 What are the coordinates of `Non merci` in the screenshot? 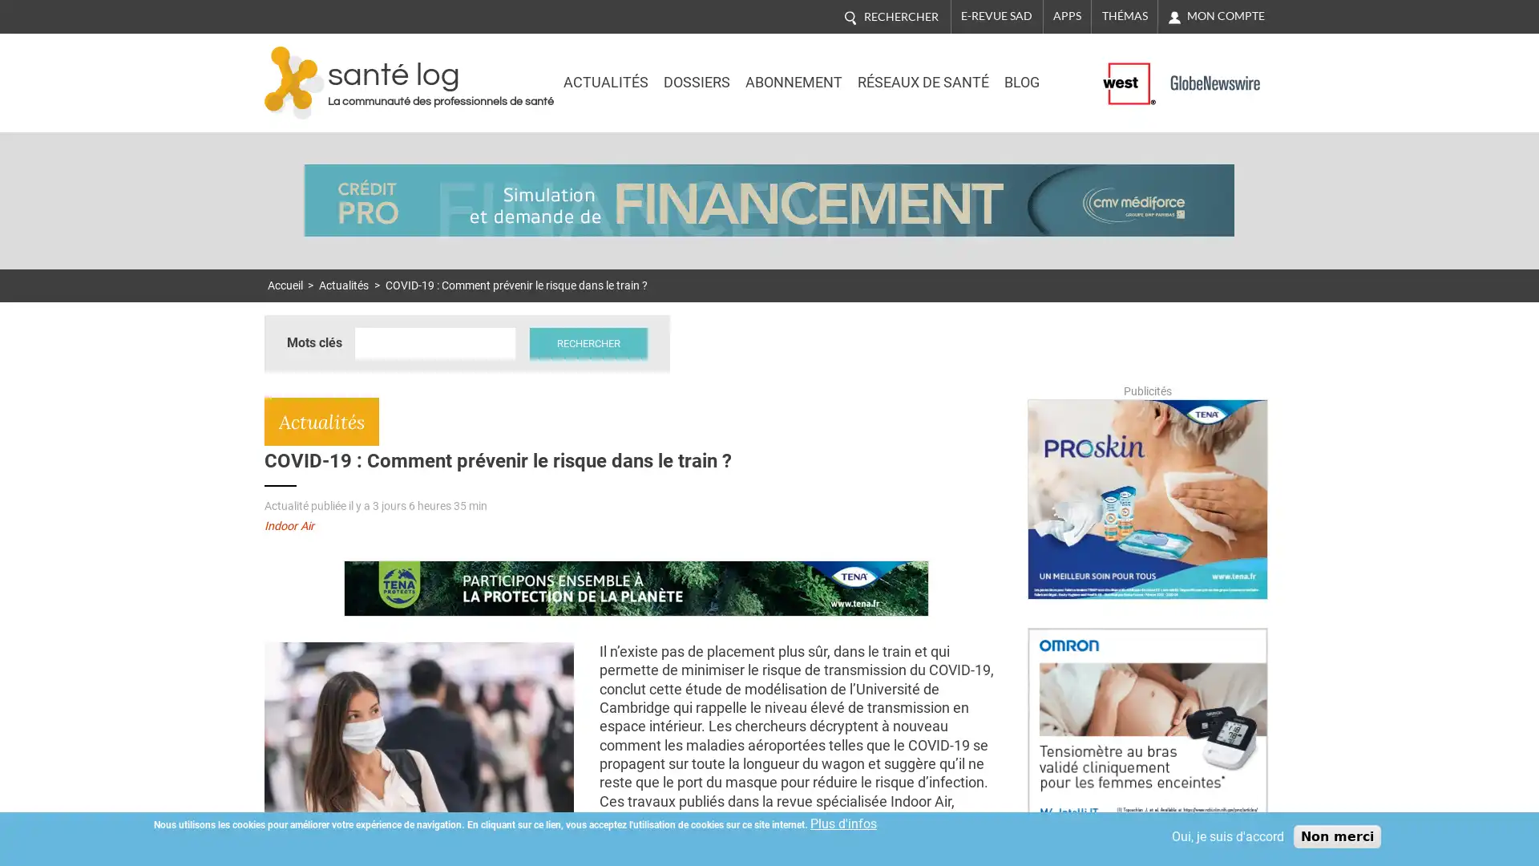 It's located at (1337, 836).